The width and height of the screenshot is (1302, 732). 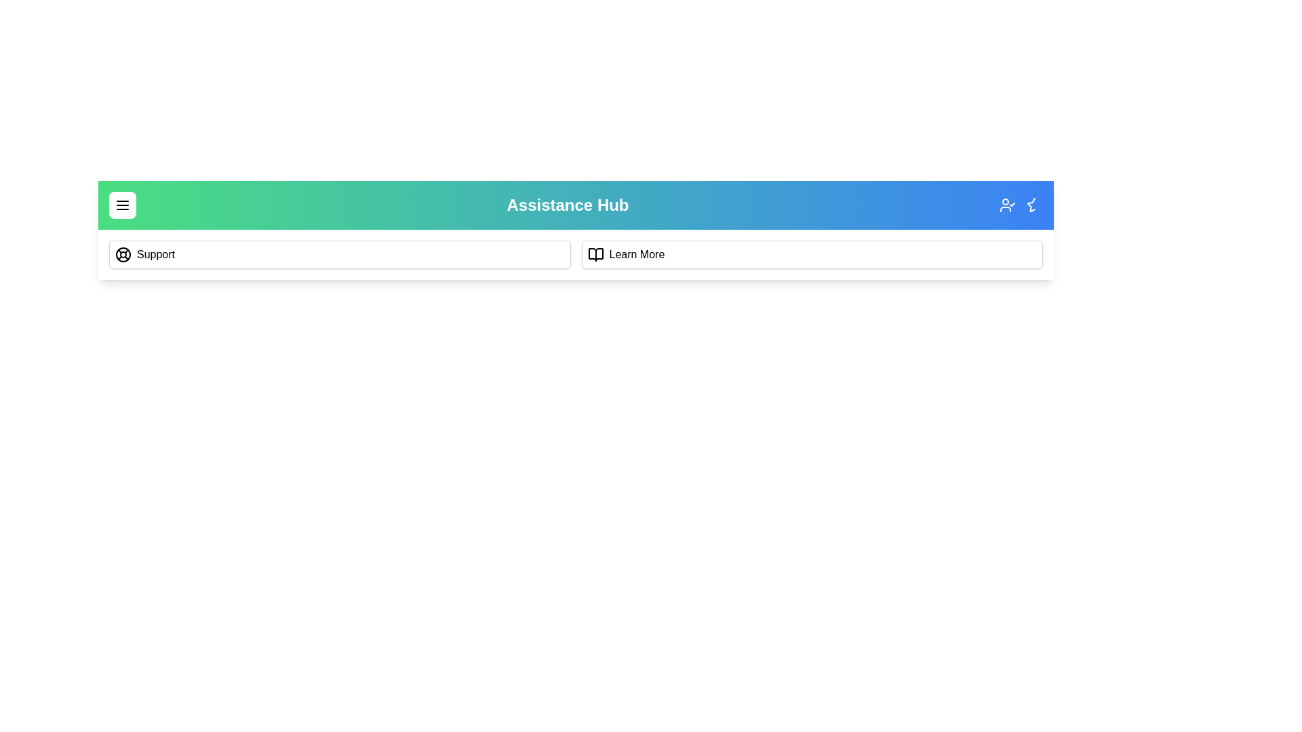 What do you see at coordinates (1034, 205) in the screenshot?
I see `the icon StarHalf in the top right corner of the app bar` at bounding box center [1034, 205].